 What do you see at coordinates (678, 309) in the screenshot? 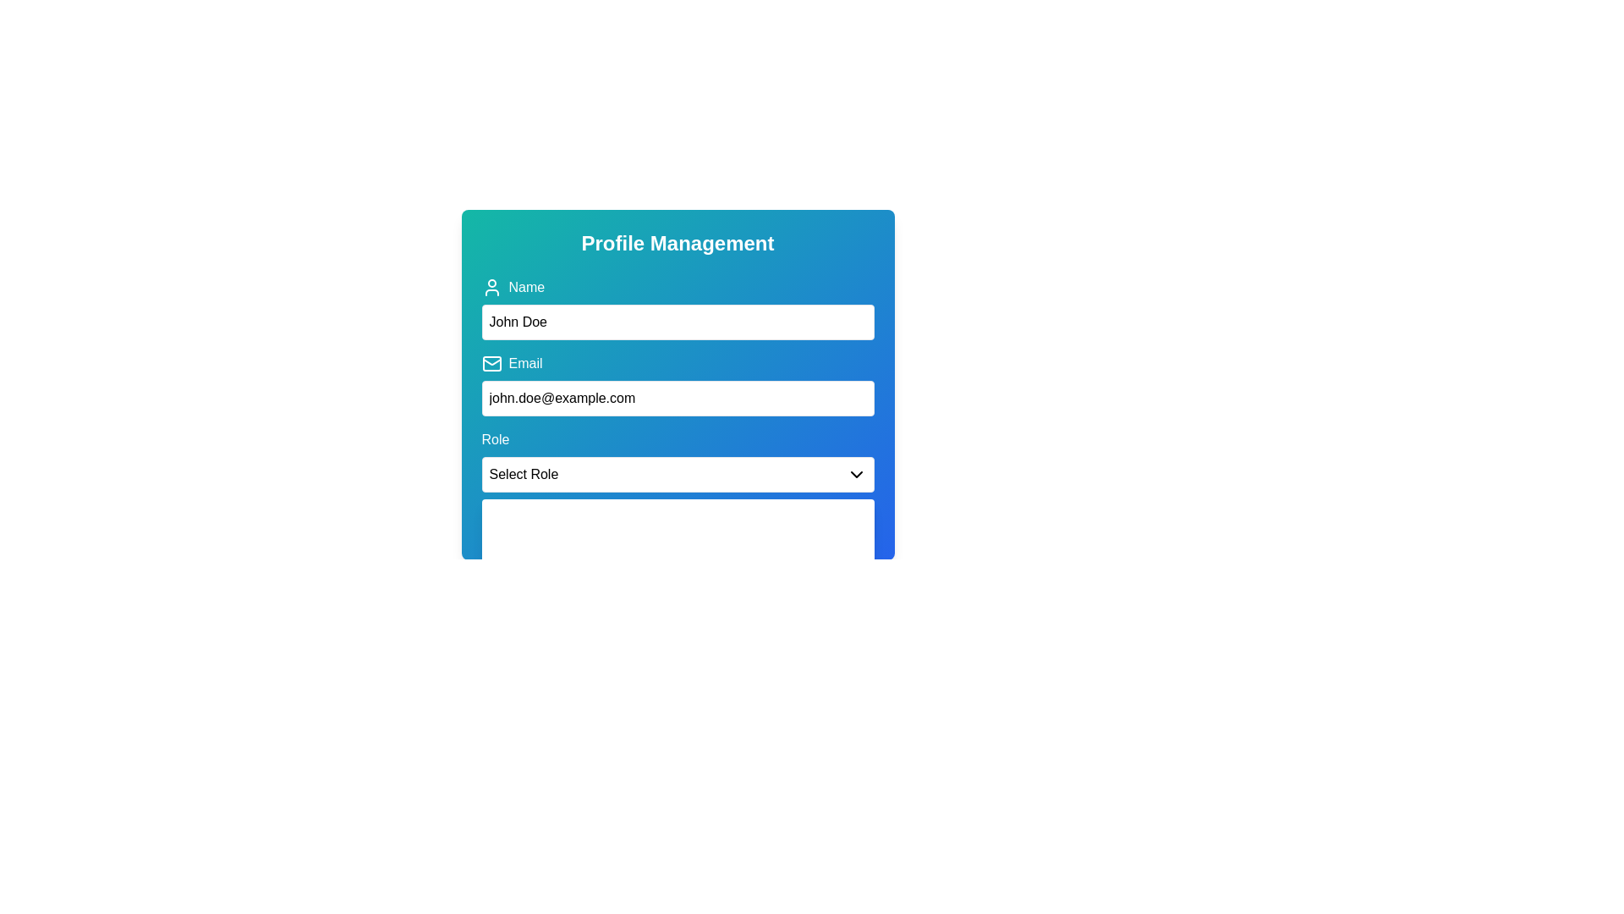
I see `the text input field labeled 'Name' to focus on it for text entry` at bounding box center [678, 309].